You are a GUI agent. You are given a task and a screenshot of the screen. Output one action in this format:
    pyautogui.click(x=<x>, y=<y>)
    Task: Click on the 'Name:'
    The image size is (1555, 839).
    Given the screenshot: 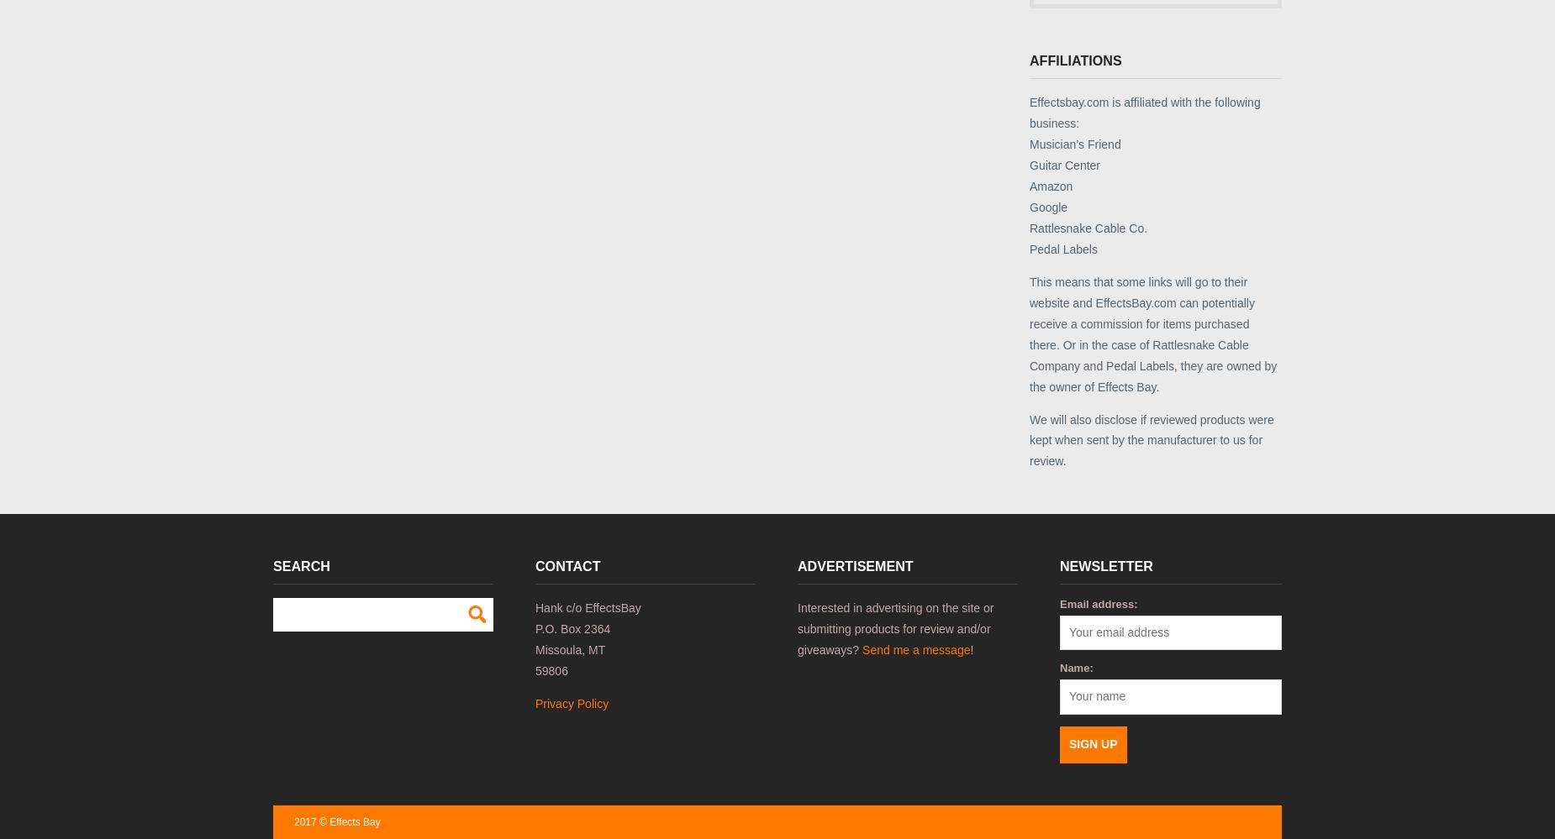 What is the action you would take?
    pyautogui.click(x=1075, y=668)
    